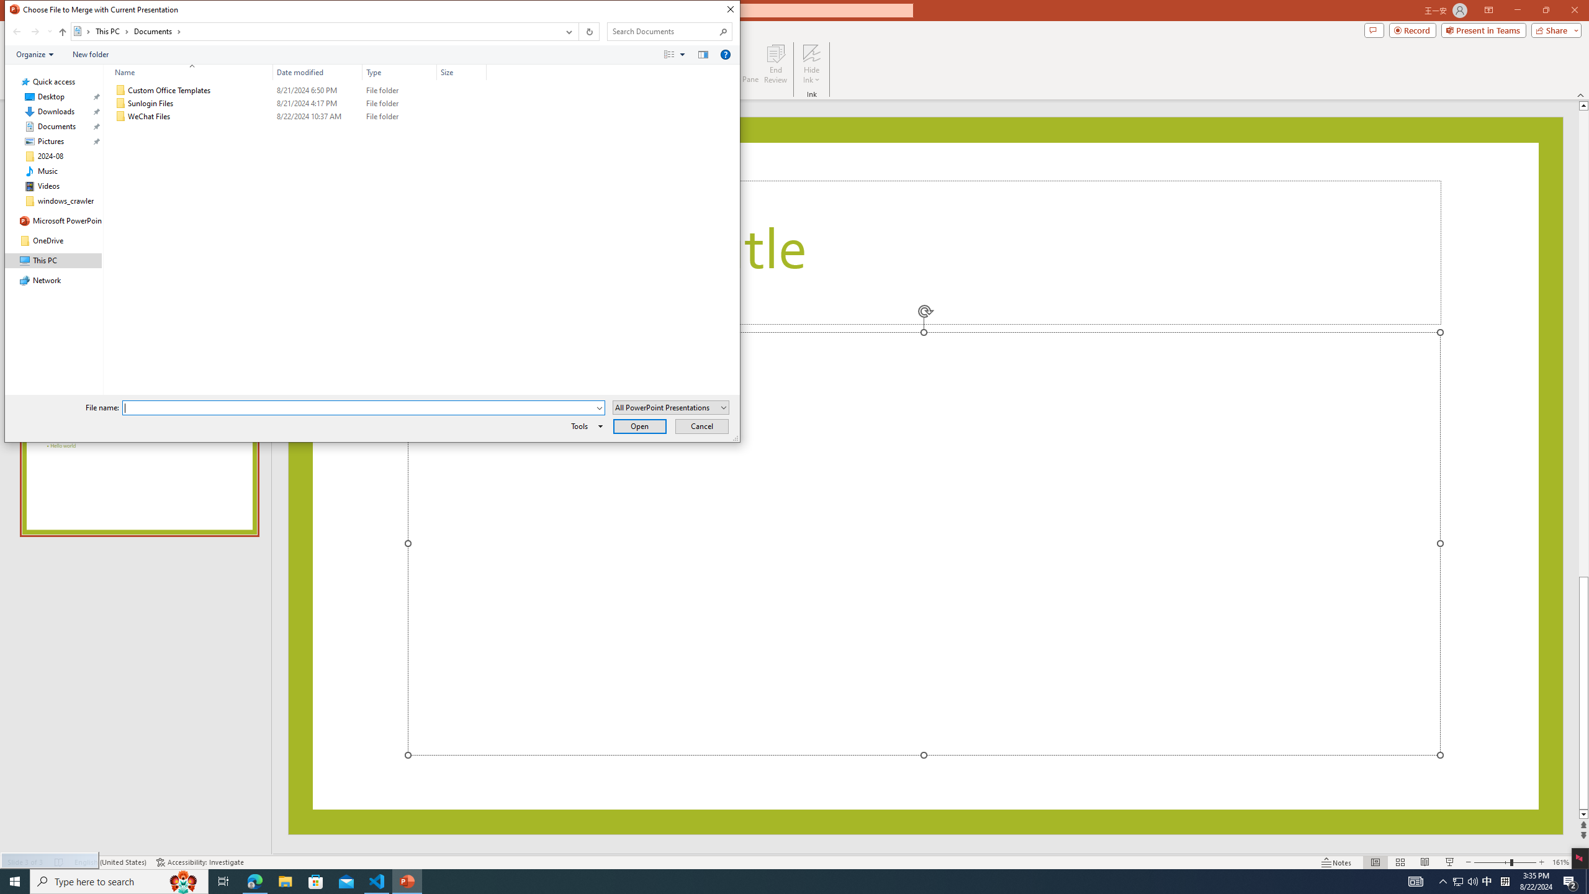 This screenshot has height=894, width=1589. What do you see at coordinates (723, 31) in the screenshot?
I see `'Search'` at bounding box center [723, 31].